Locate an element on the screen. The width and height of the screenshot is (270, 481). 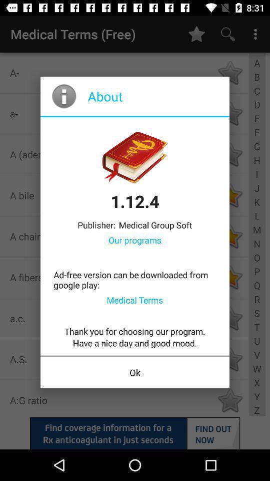
the medical terms item is located at coordinates (134, 300).